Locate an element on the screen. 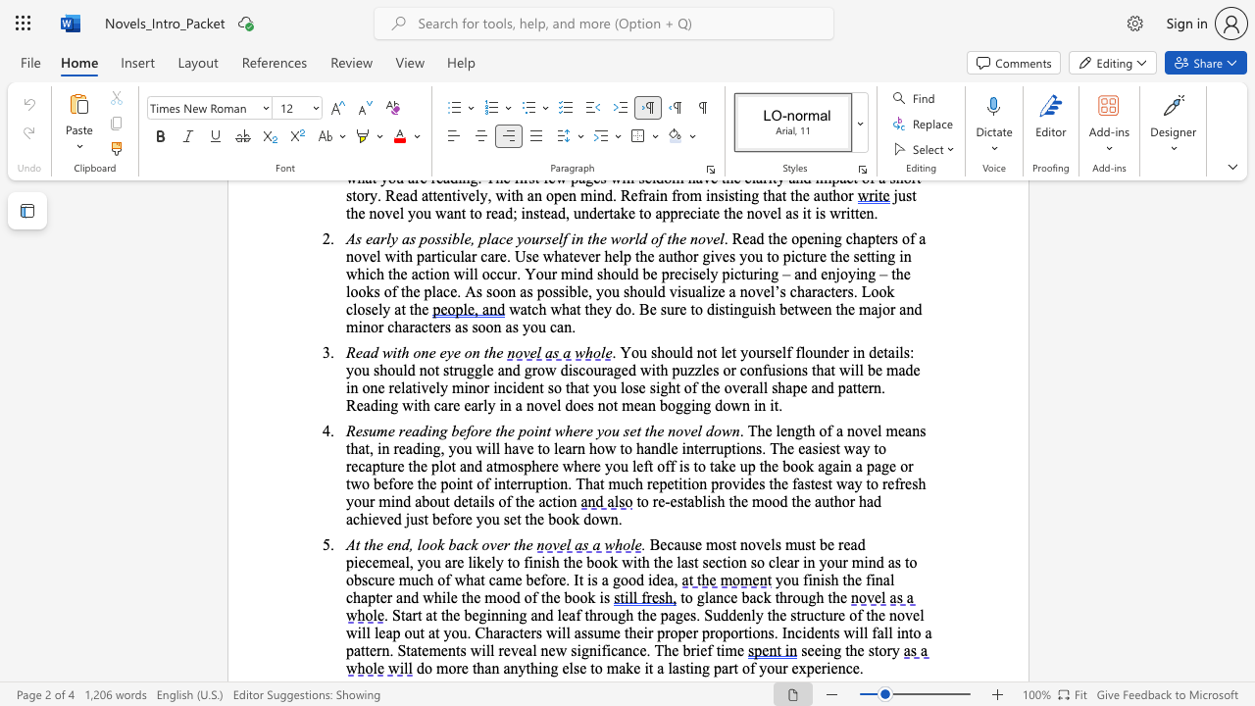 This screenshot has width=1255, height=706. the subset text "th" within the text "to glance back through the" is located at coordinates (828, 596).